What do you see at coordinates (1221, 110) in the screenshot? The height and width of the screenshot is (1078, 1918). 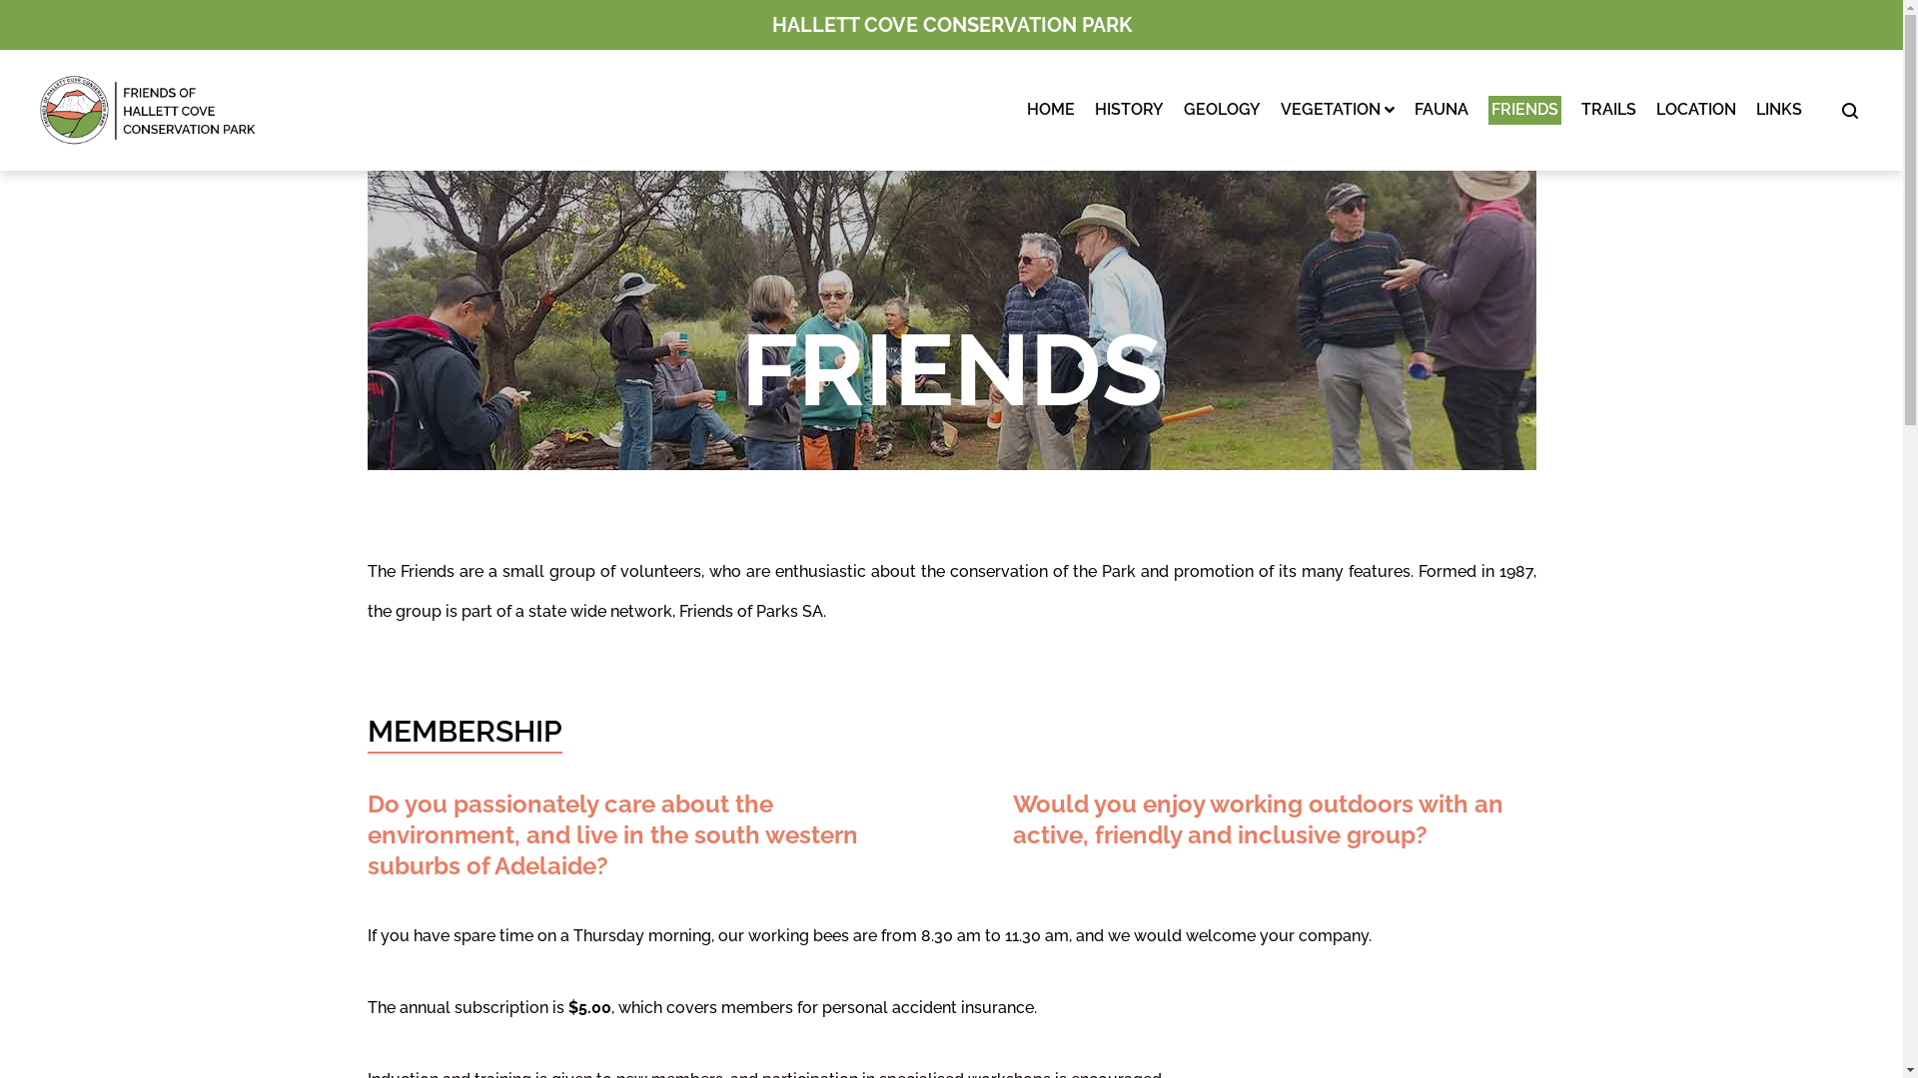 I see `'GEOLOGY'` at bounding box center [1221, 110].